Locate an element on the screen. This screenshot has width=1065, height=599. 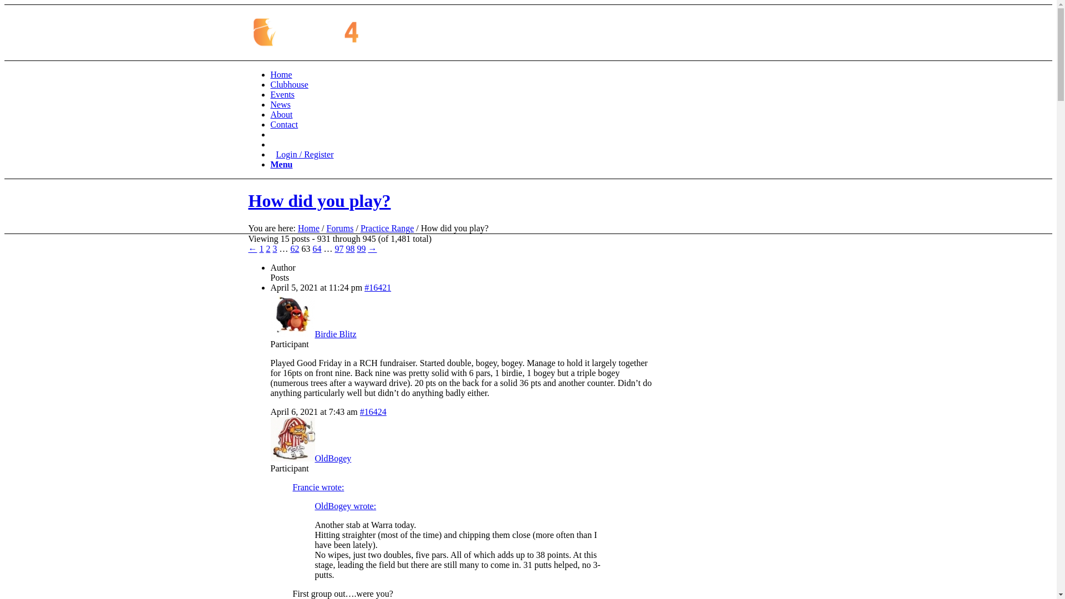
'3' is located at coordinates (275, 248).